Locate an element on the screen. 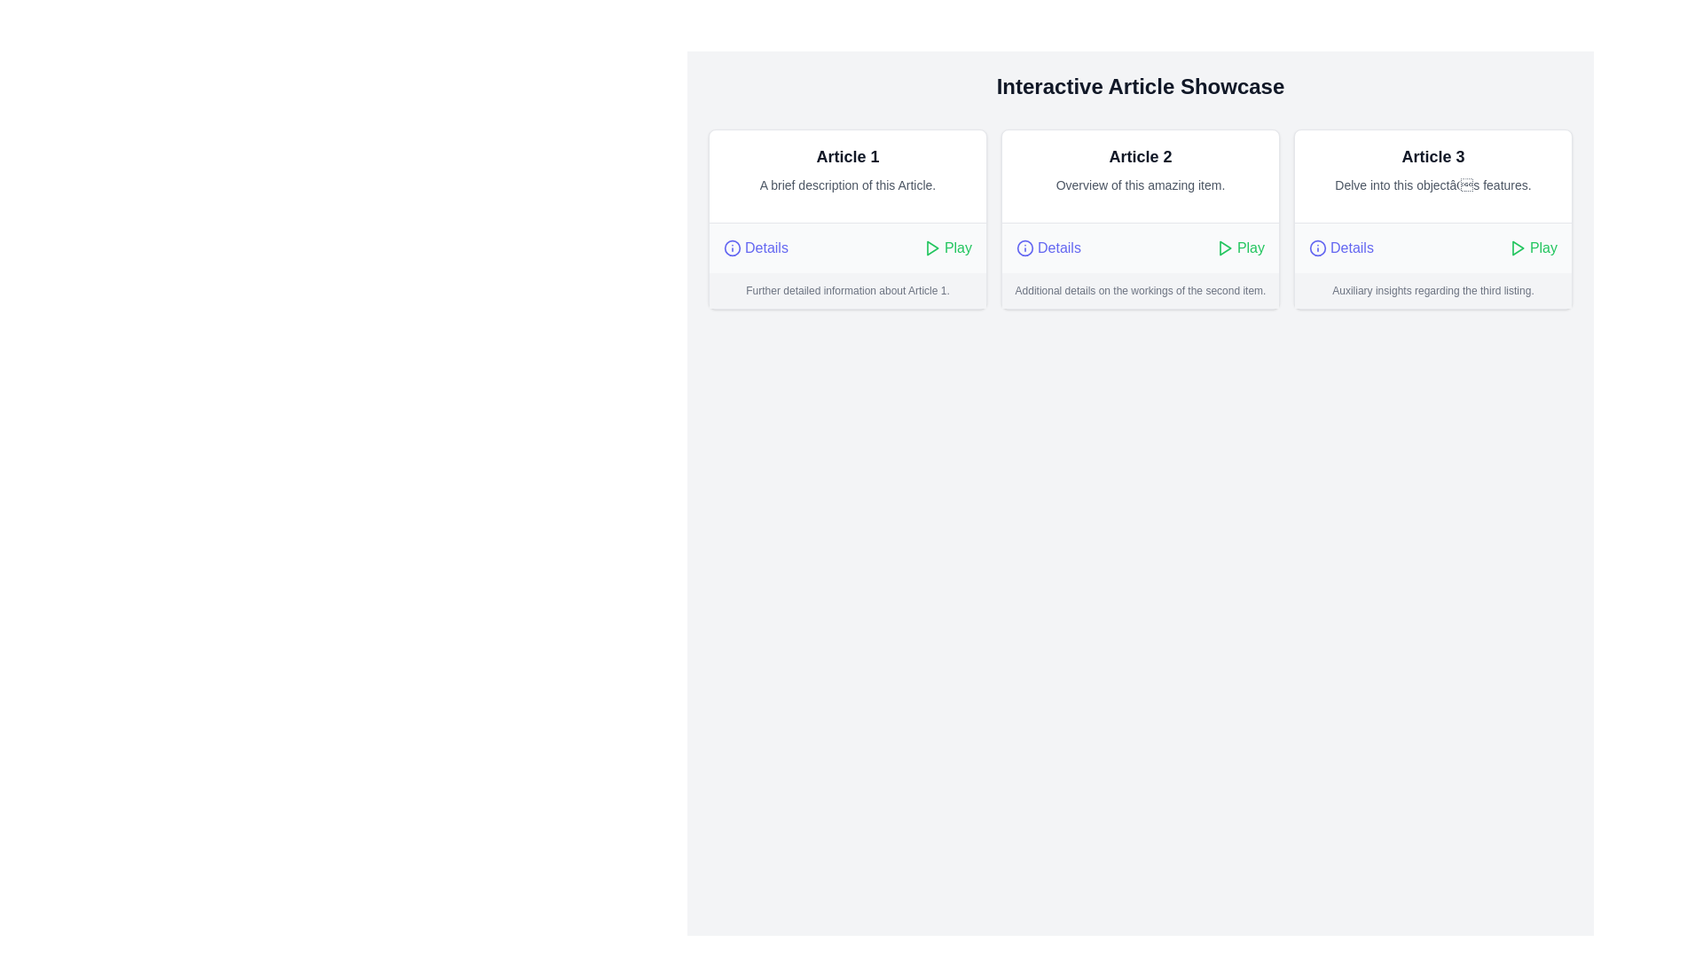  the green 'Play' button located at the bottom section of the 'Article 2' card is located at coordinates (1239, 248).